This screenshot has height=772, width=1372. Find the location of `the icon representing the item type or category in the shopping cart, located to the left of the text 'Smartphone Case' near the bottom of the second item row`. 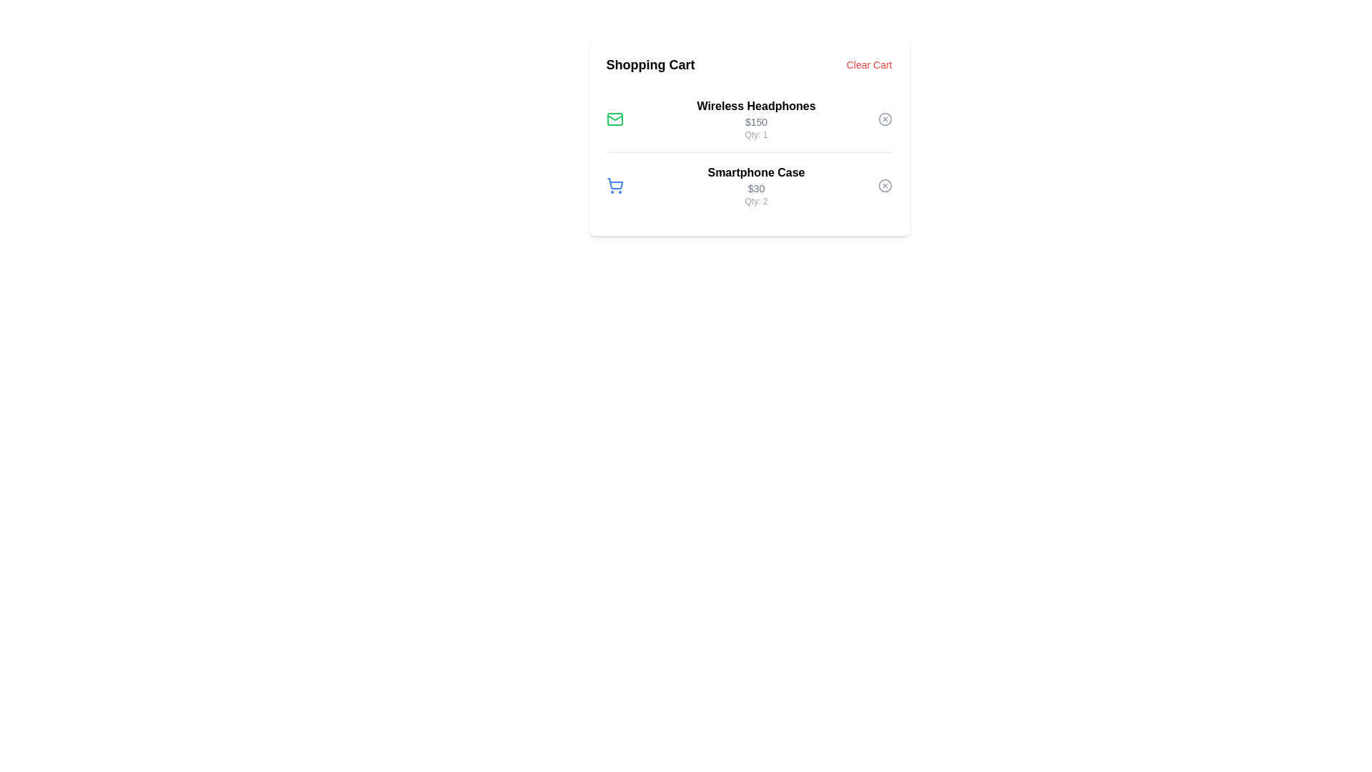

the icon representing the item type or category in the shopping cart, located to the left of the text 'Smartphone Case' near the bottom of the second item row is located at coordinates (615, 184).